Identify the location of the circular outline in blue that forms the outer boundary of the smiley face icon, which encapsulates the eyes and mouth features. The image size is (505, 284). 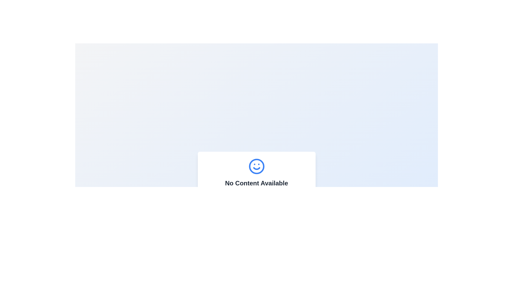
(256, 166).